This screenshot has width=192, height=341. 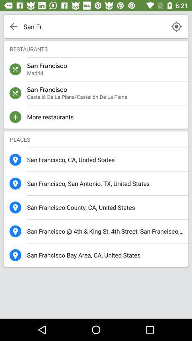 I want to click on the plus icon, so click(x=15, y=117).